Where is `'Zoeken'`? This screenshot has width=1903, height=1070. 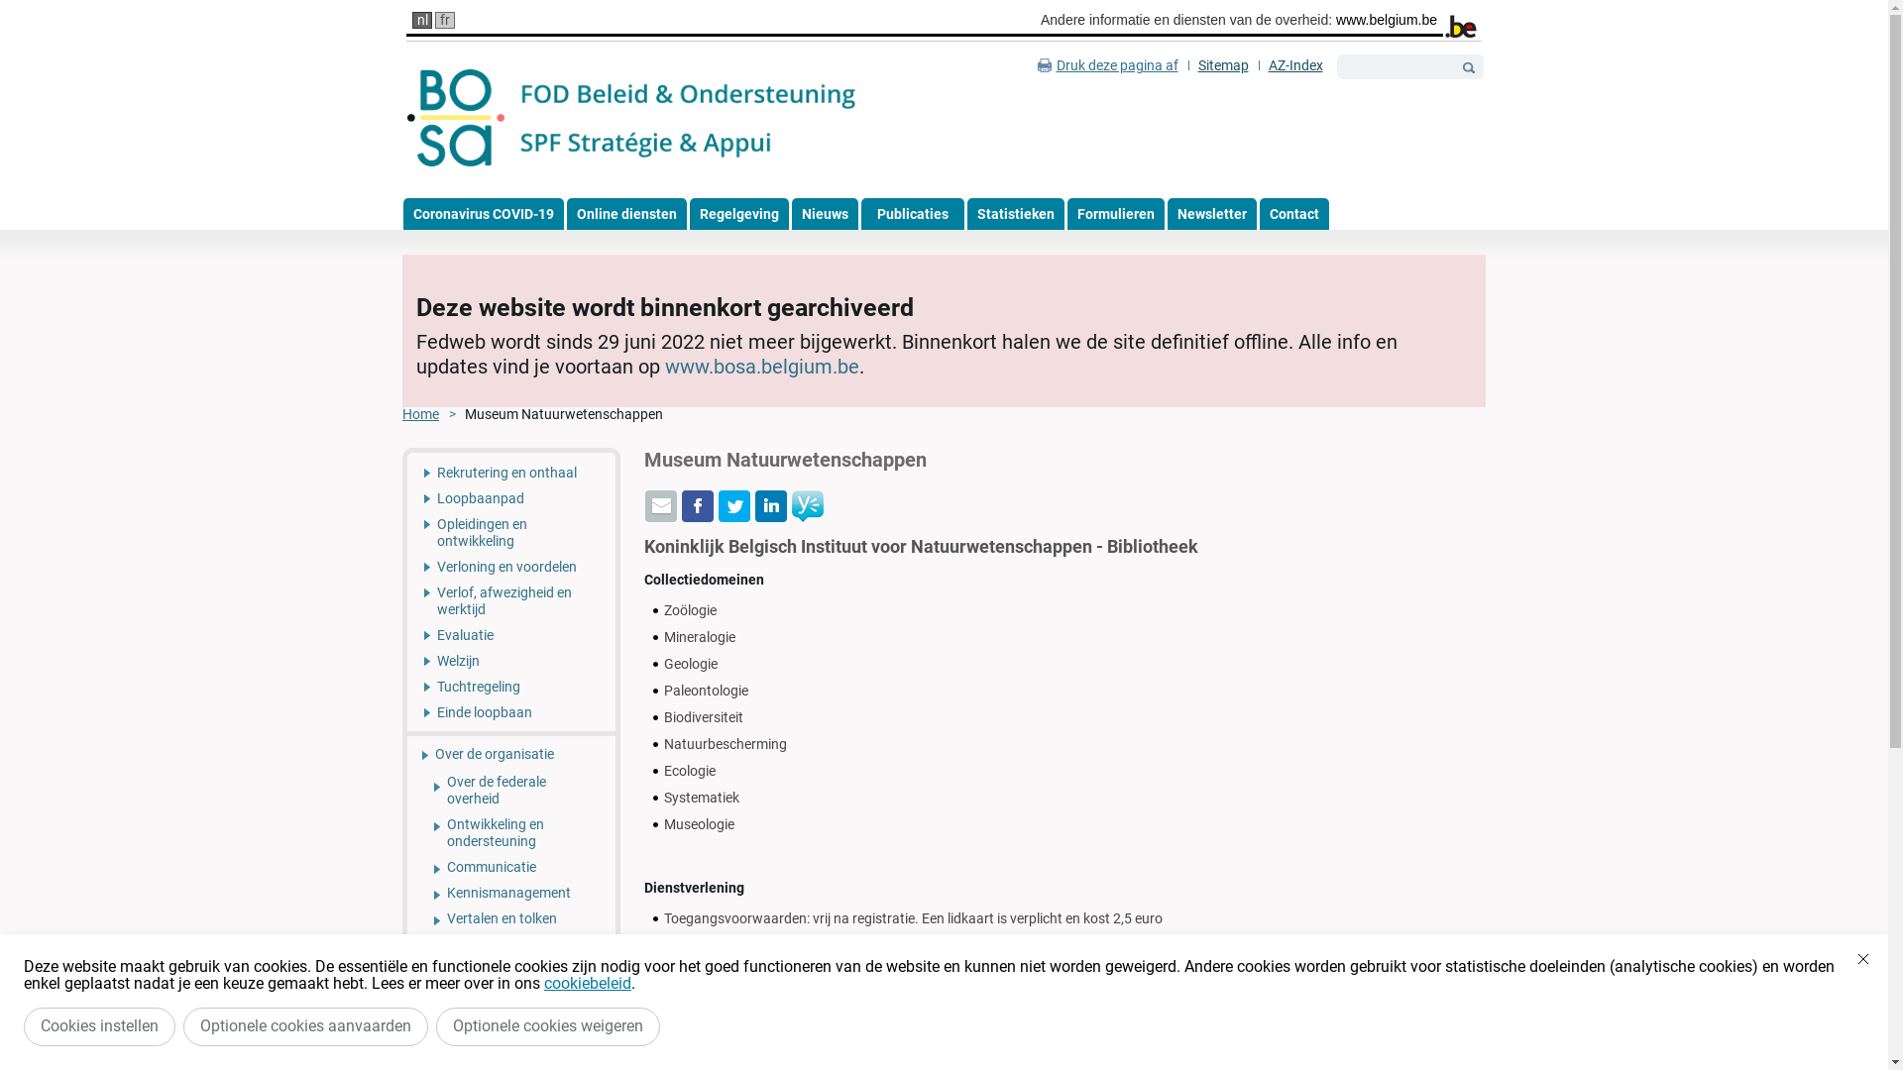
'Zoeken' is located at coordinates (1469, 65).